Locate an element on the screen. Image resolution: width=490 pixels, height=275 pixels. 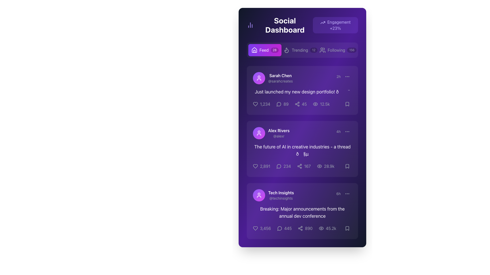
the interactive share button with a counter, which is the fourth item from the left in its row and located at the bottom of the card is located at coordinates (295, 228).